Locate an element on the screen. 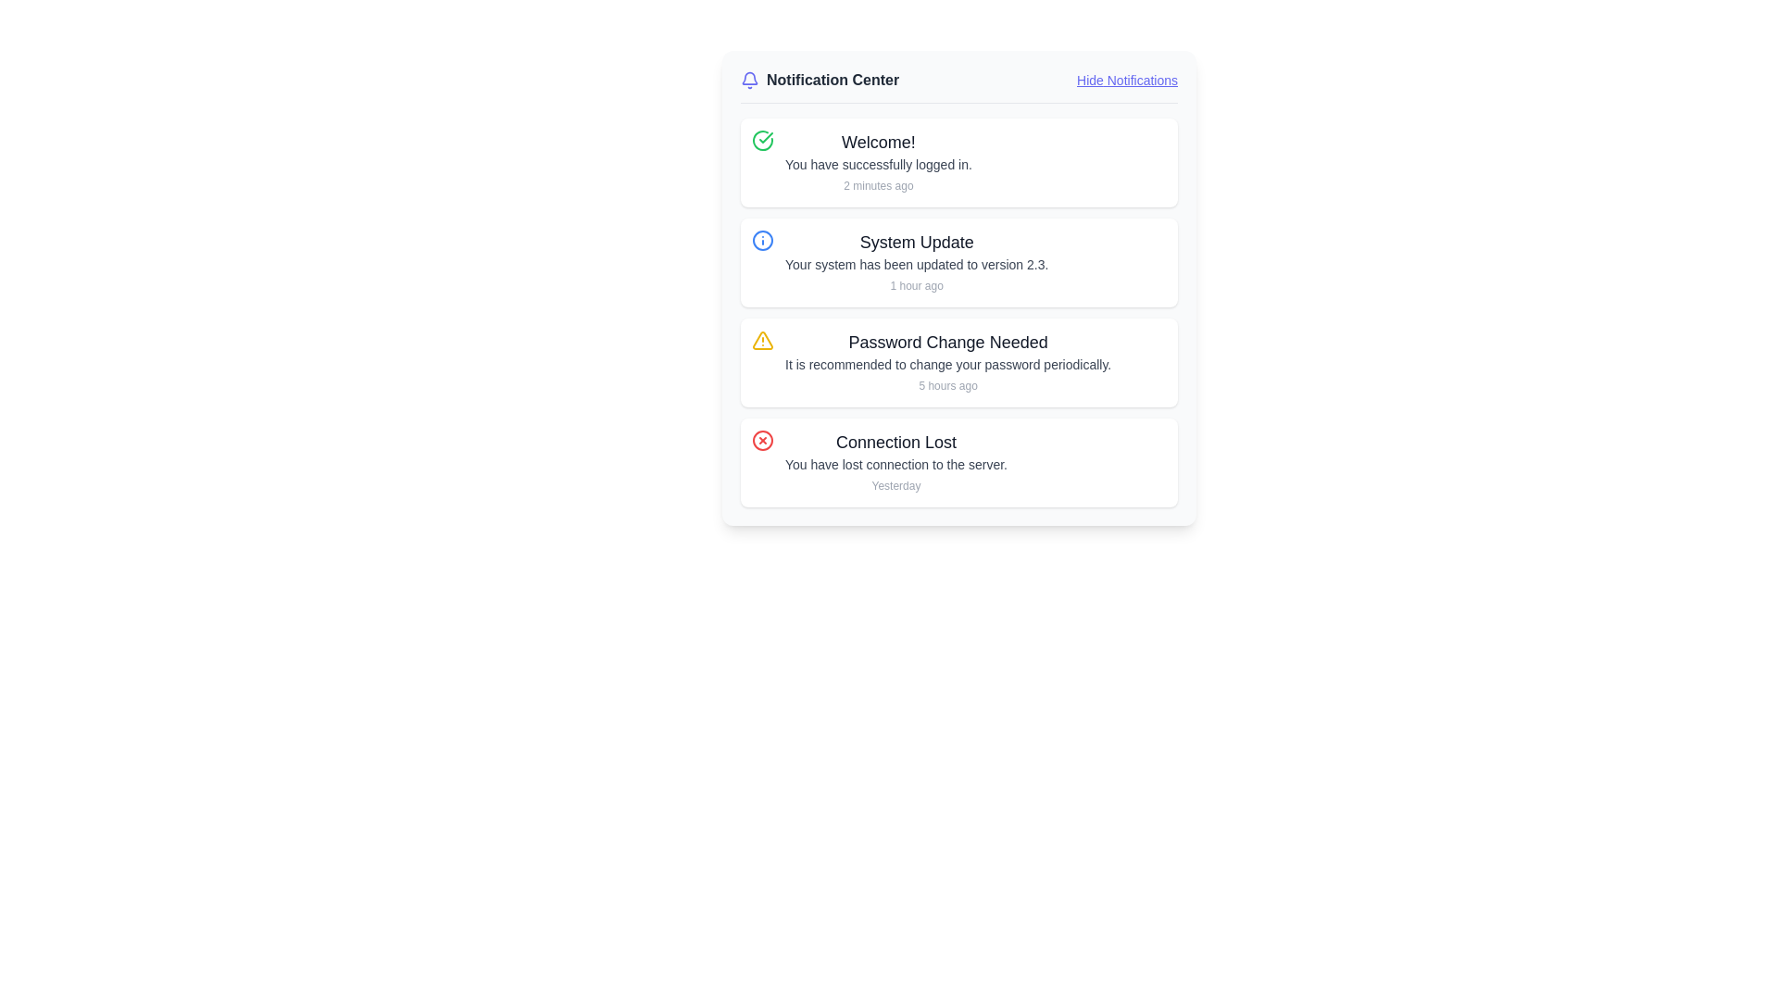  the text label that provides additional information about the 'Connection Lost' notification, located between the heading and the timestamp is located at coordinates (896, 463).